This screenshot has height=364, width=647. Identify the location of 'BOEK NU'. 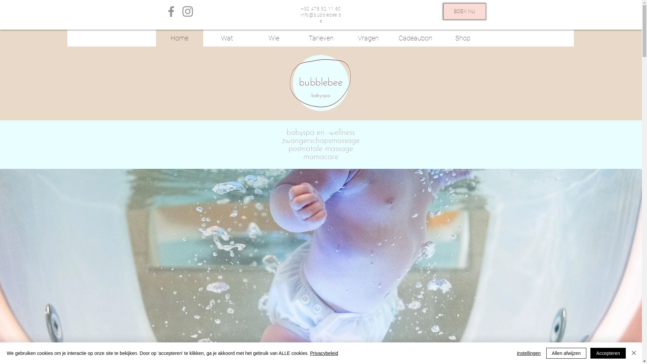
(464, 11).